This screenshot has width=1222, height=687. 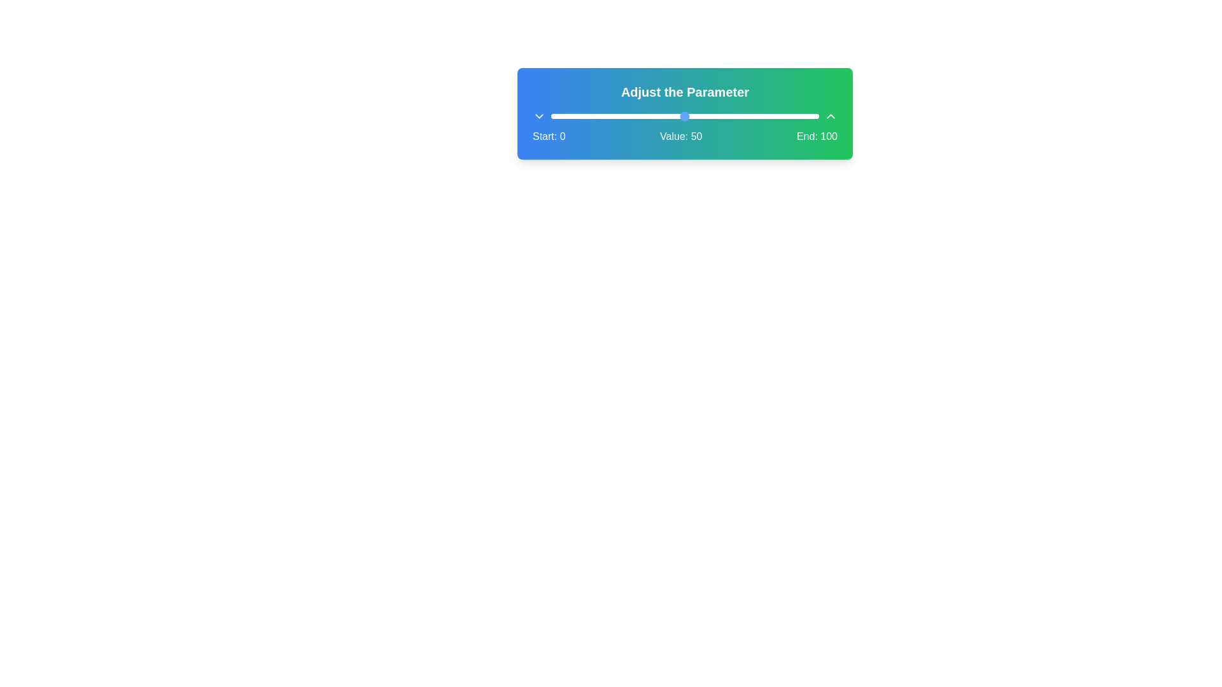 I want to click on the slider, so click(x=764, y=116).